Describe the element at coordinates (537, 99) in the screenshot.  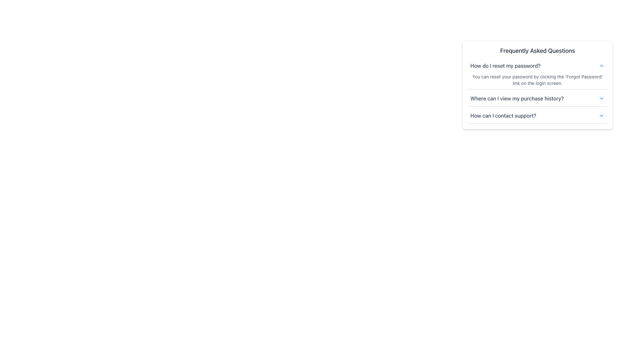
I see `the second entry in the FAQ section's dropdown list item that reveals additional information about viewing purchase history` at that location.